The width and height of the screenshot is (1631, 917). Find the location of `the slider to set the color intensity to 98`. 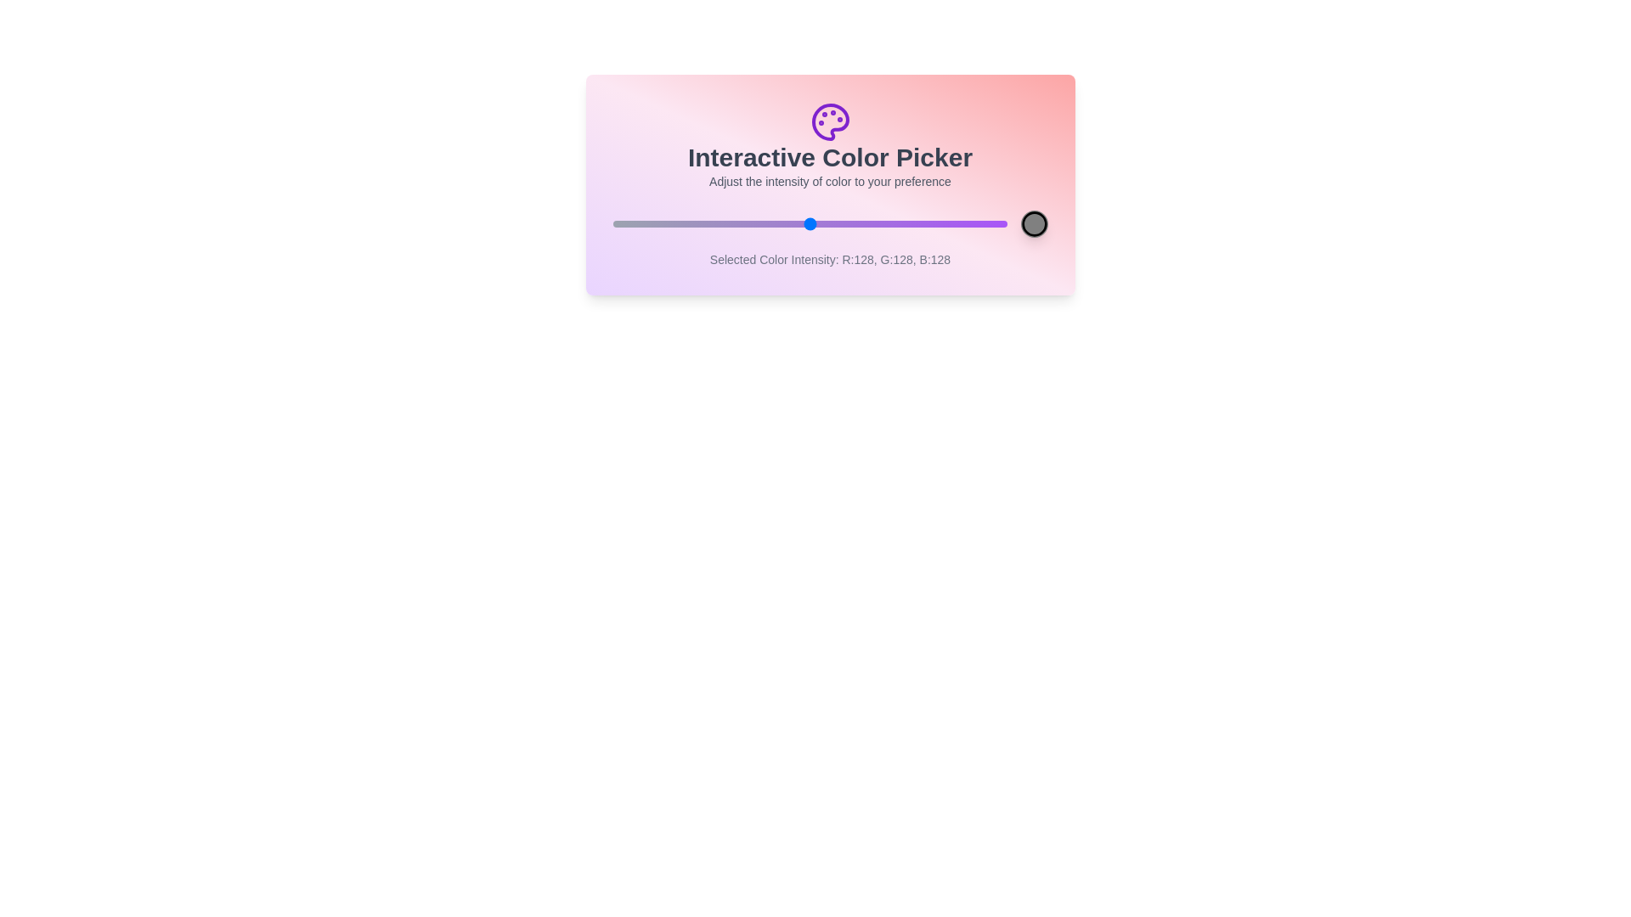

the slider to set the color intensity to 98 is located at coordinates (763, 222).